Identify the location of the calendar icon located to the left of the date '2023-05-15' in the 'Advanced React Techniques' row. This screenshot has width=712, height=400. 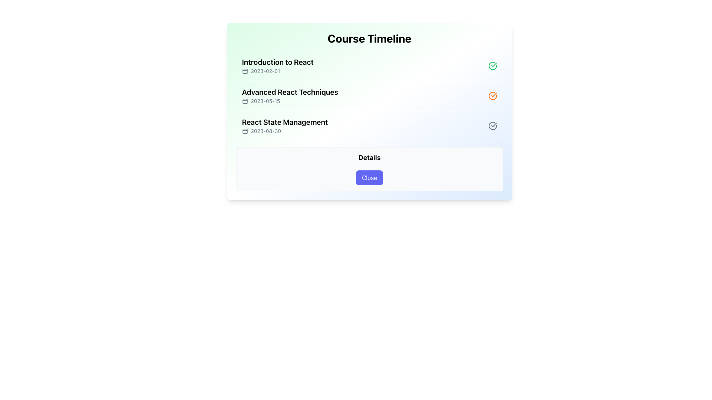
(245, 101).